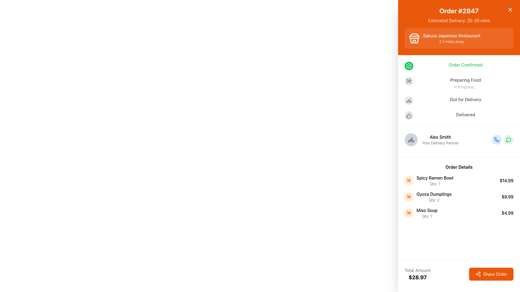  I want to click on the 'Miso Soup' list item in the order summary interface, so click(459, 213).